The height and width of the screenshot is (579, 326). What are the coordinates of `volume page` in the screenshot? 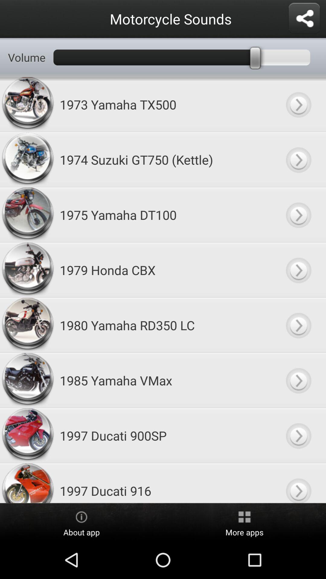 It's located at (298, 325).